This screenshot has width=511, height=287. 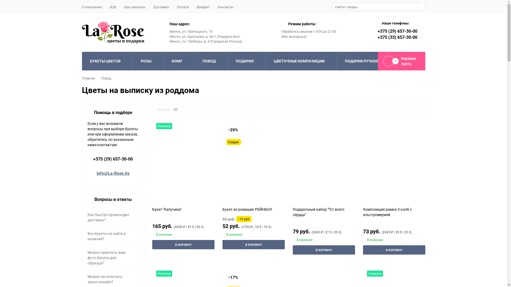 What do you see at coordinates (397, 31) in the screenshot?
I see `'+375 (29) 657-30-00'` at bounding box center [397, 31].